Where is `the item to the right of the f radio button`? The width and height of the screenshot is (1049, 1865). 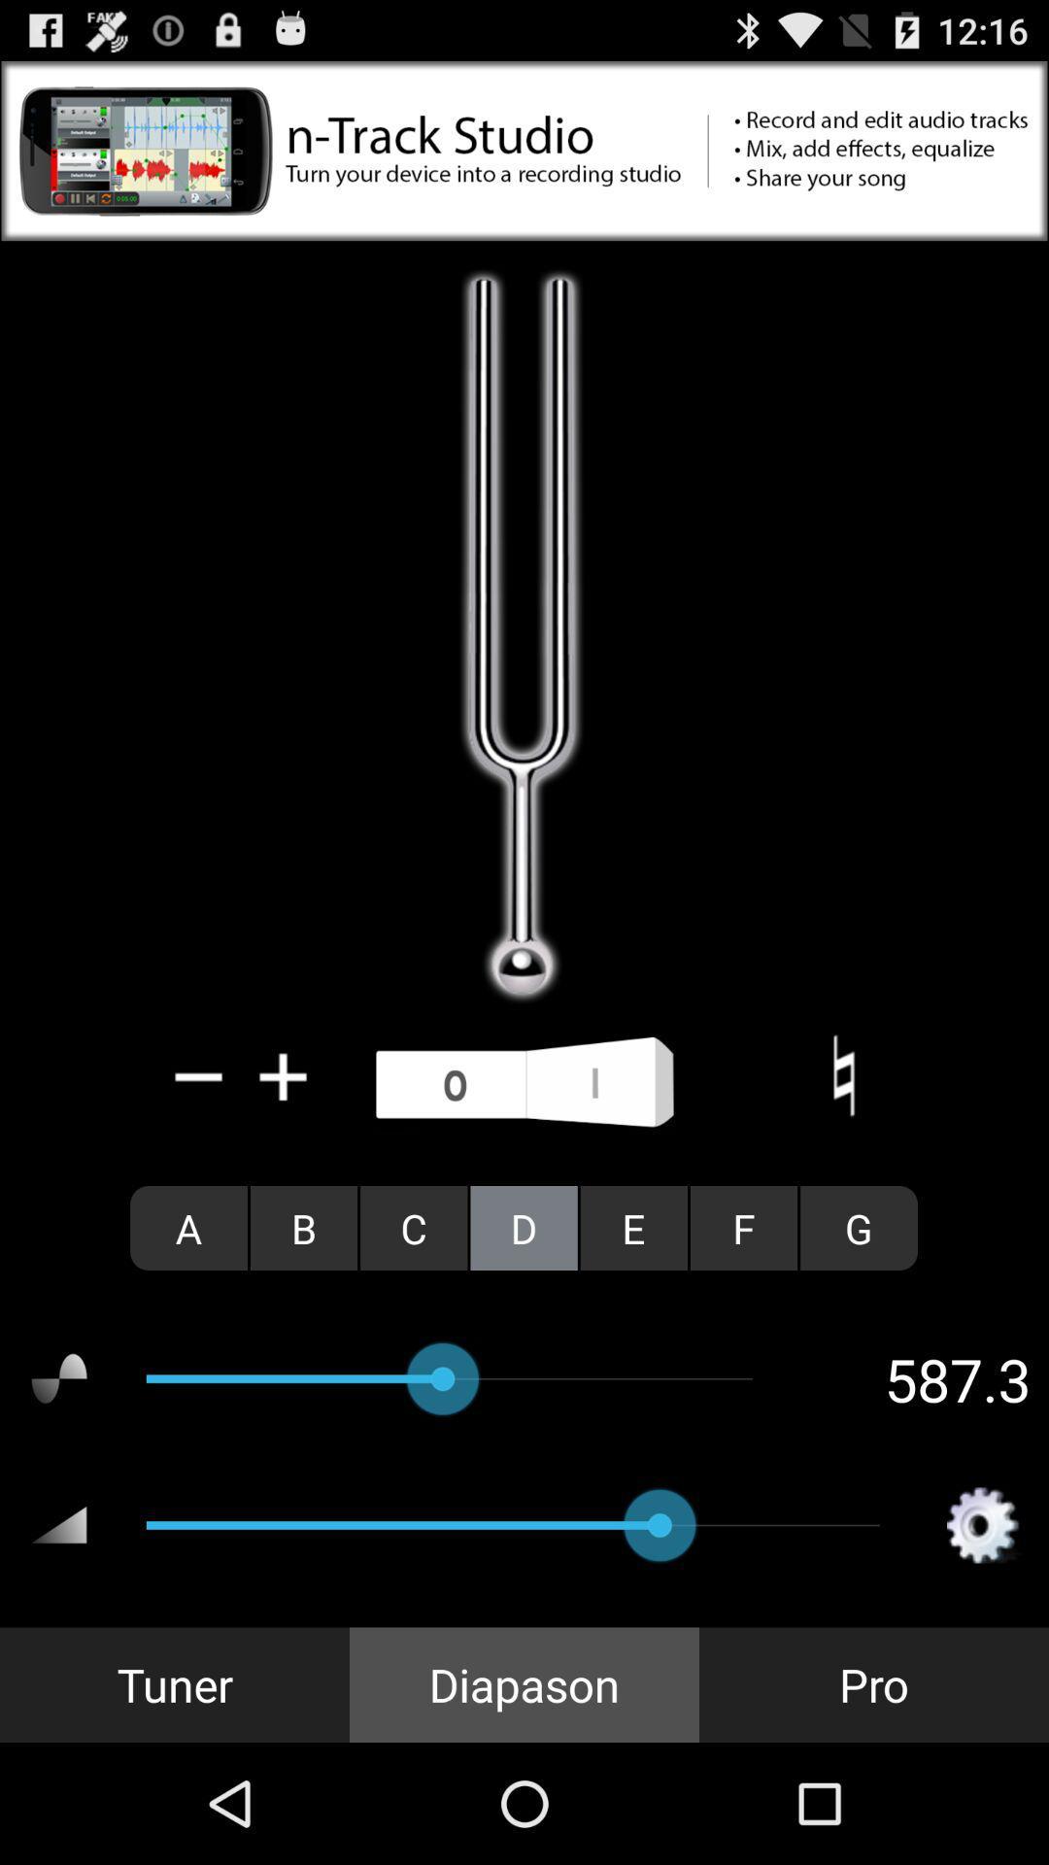 the item to the right of the f radio button is located at coordinates (858, 1227).